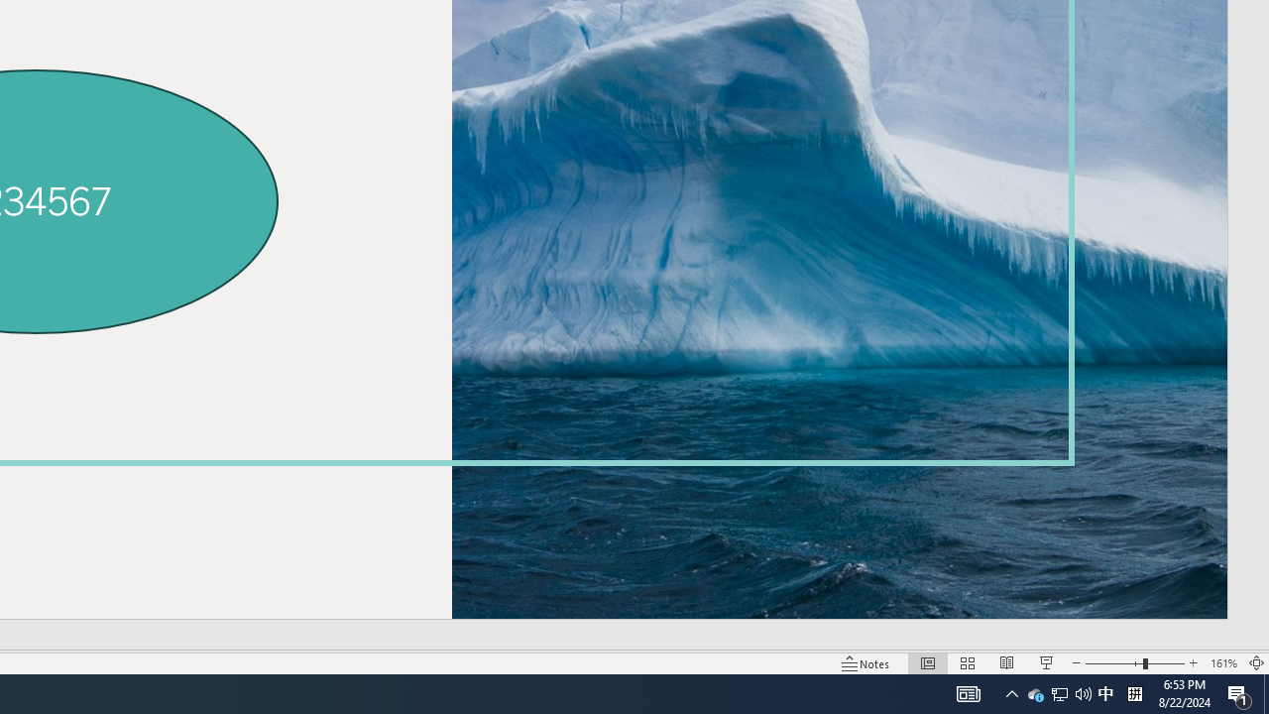  Describe the element at coordinates (1193, 663) in the screenshot. I see `'Zoom In'` at that location.